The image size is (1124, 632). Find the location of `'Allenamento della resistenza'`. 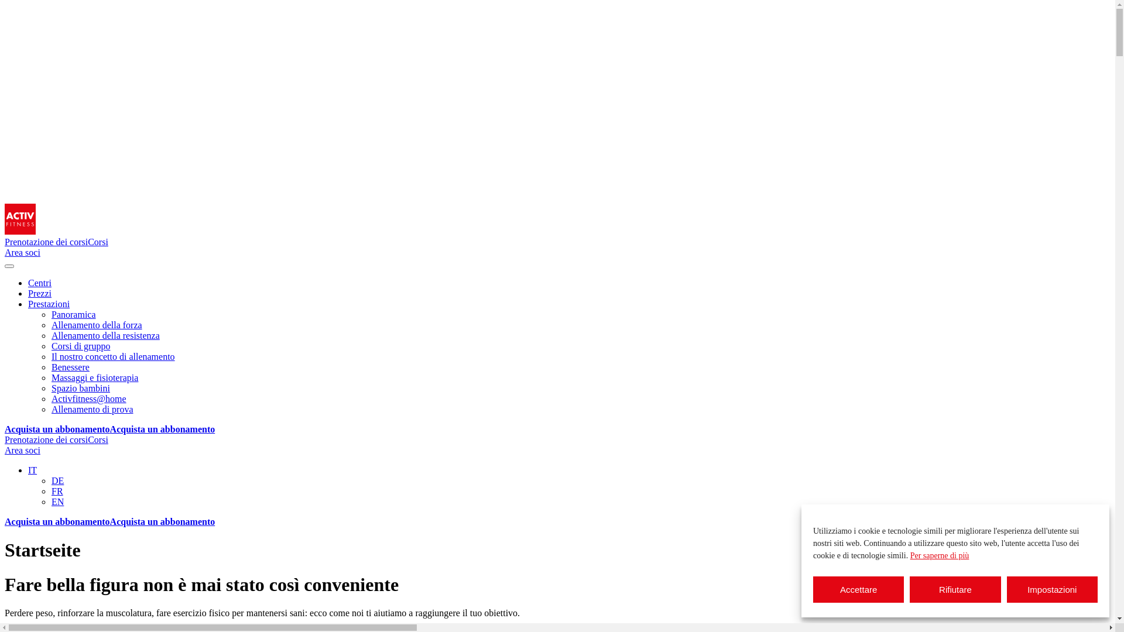

'Allenamento della resistenza' is located at coordinates (105, 335).